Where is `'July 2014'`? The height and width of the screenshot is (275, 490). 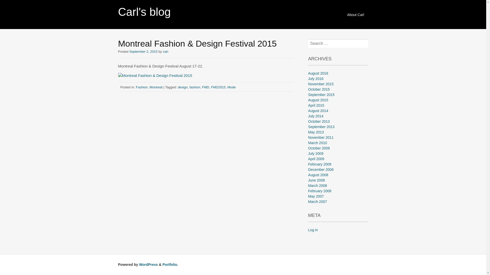 'July 2014' is located at coordinates (315, 116).